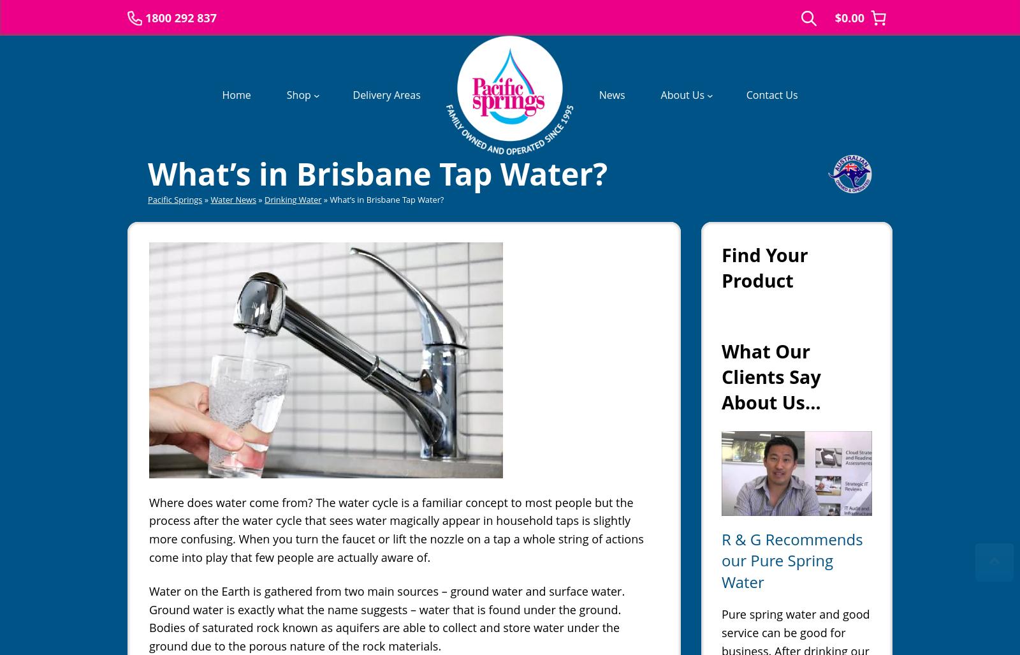 This screenshot has height=655, width=1020. I want to click on 'Find Your Product', so click(764, 266).